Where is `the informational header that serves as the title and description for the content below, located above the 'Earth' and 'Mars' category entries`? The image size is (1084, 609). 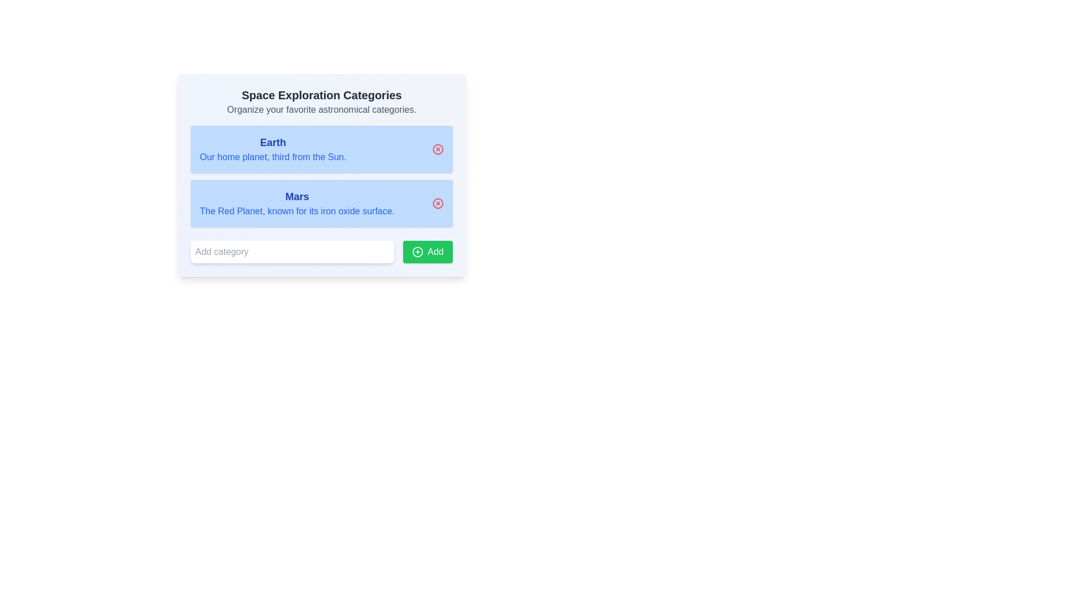
the informational header that serves as the title and description for the content below, located above the 'Earth' and 'Mars' category entries is located at coordinates (321, 102).